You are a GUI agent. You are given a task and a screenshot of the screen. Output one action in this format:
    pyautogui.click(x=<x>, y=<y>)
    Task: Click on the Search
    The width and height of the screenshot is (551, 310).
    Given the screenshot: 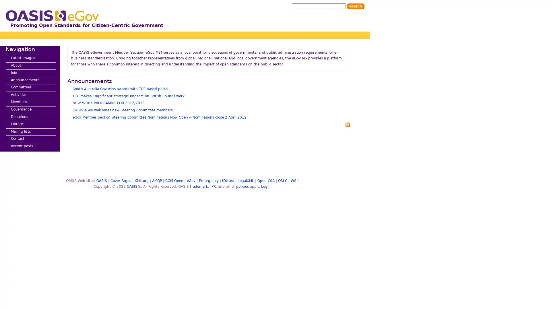 What is the action you would take?
    pyautogui.click(x=355, y=6)
    